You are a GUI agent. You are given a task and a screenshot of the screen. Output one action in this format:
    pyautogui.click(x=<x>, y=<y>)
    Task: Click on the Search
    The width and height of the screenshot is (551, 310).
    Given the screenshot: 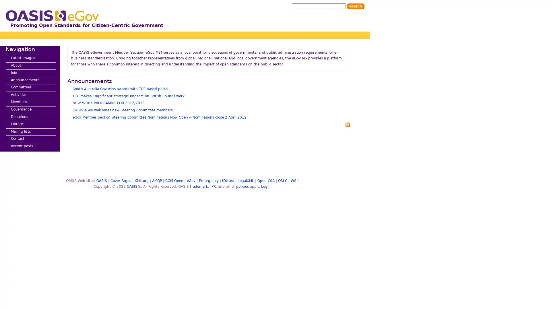 What is the action you would take?
    pyautogui.click(x=355, y=6)
    